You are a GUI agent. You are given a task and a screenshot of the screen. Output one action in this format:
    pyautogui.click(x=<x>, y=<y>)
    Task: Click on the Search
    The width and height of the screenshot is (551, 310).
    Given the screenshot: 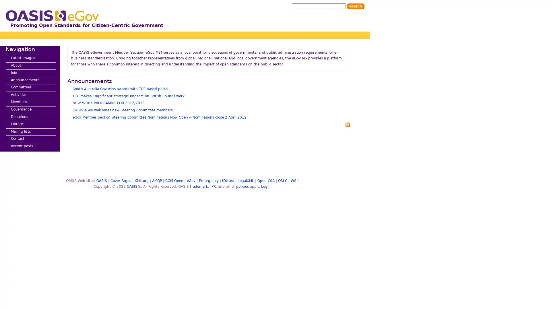 What is the action you would take?
    pyautogui.click(x=355, y=6)
    